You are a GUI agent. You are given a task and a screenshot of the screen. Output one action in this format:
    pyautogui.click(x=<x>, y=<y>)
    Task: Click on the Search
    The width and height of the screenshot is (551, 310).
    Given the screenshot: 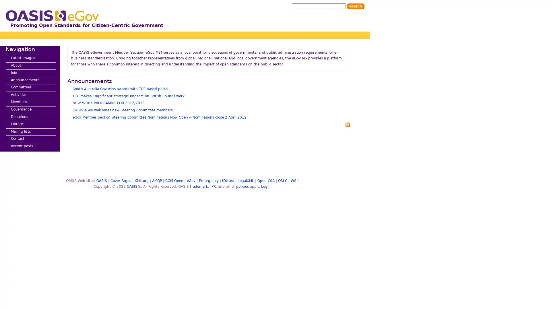 What is the action you would take?
    pyautogui.click(x=355, y=6)
    